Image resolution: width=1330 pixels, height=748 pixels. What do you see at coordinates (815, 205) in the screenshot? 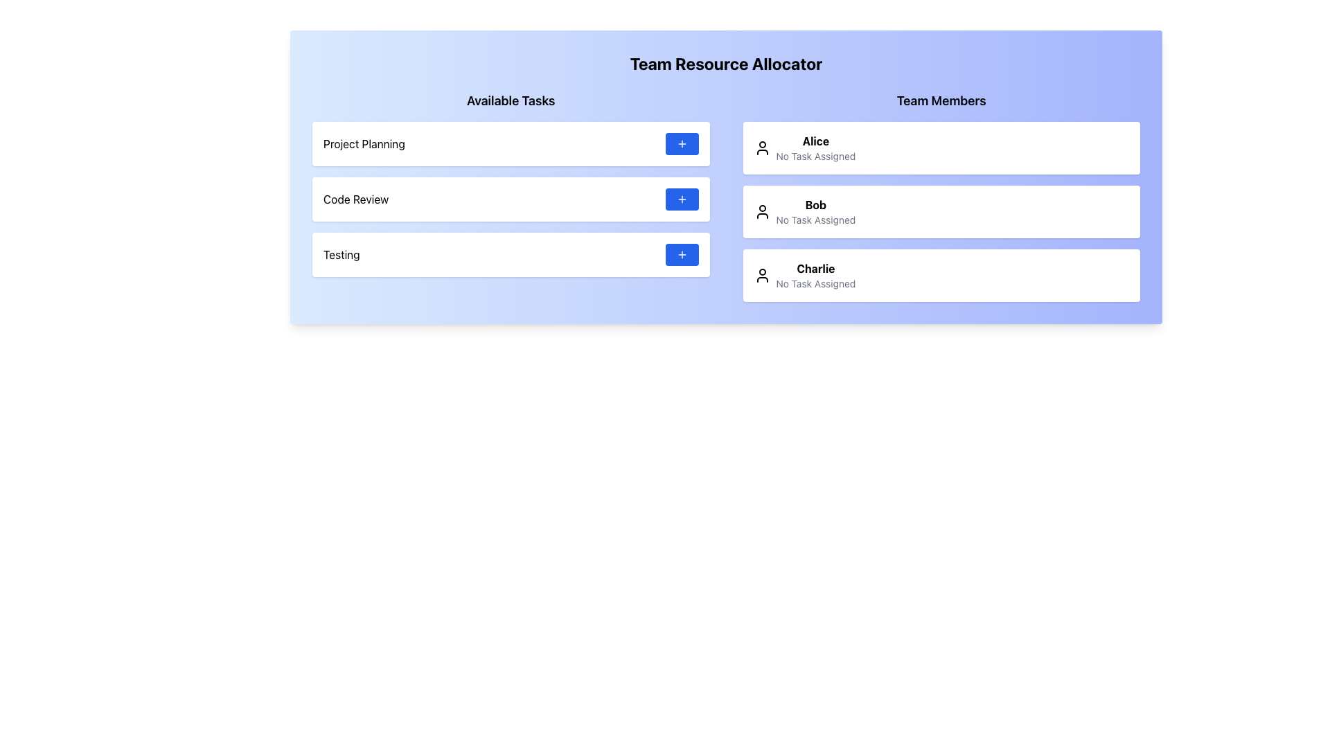
I see `the bold-styled text displaying the name 'Bob', which is the second name in the 'Team Members' column, located between 'Alice' and 'Charlie'` at bounding box center [815, 205].